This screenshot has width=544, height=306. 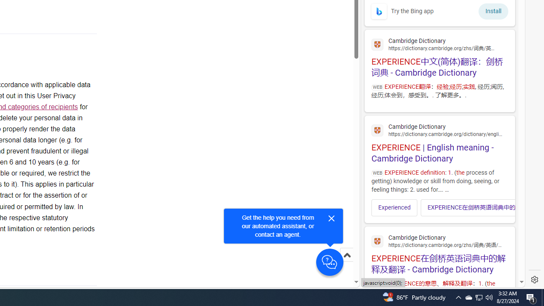 What do you see at coordinates (439, 142) in the screenshot?
I see `'EXPERIENCE | English meaning - Cambridge Dictionary'` at bounding box center [439, 142].